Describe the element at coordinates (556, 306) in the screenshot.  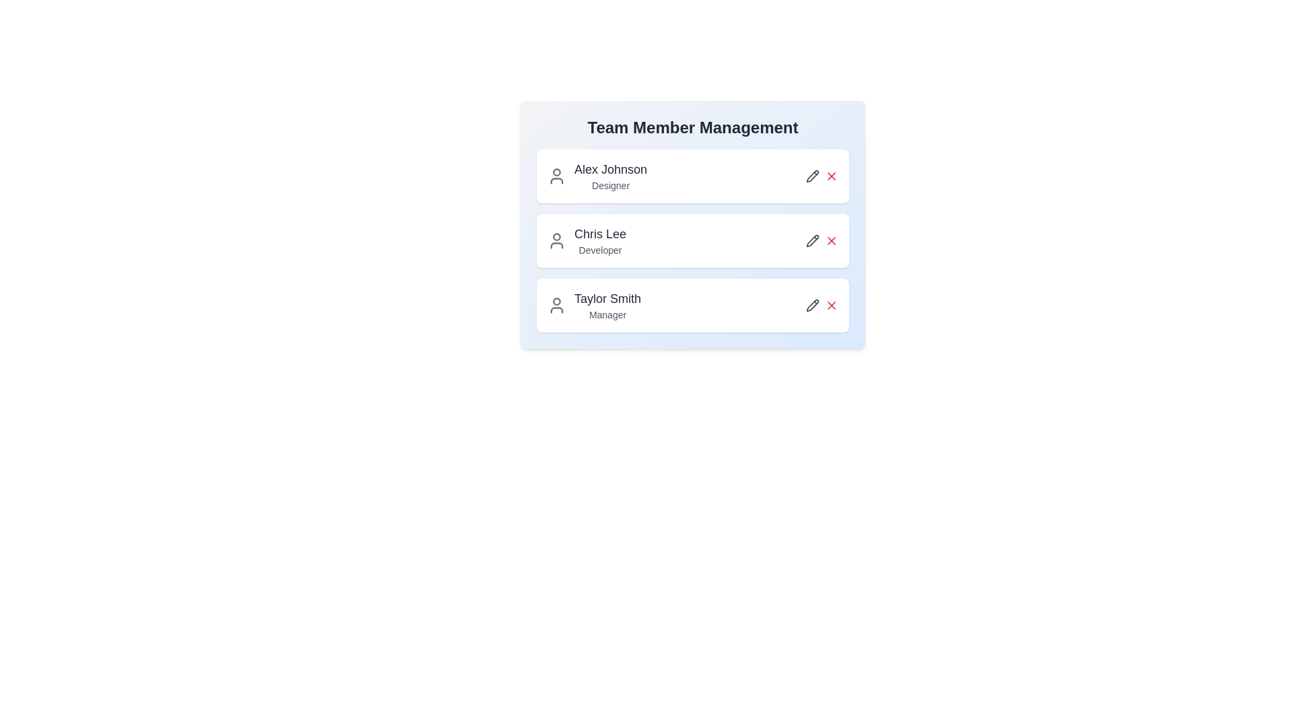
I see `the user icon for Taylor Smith` at that location.